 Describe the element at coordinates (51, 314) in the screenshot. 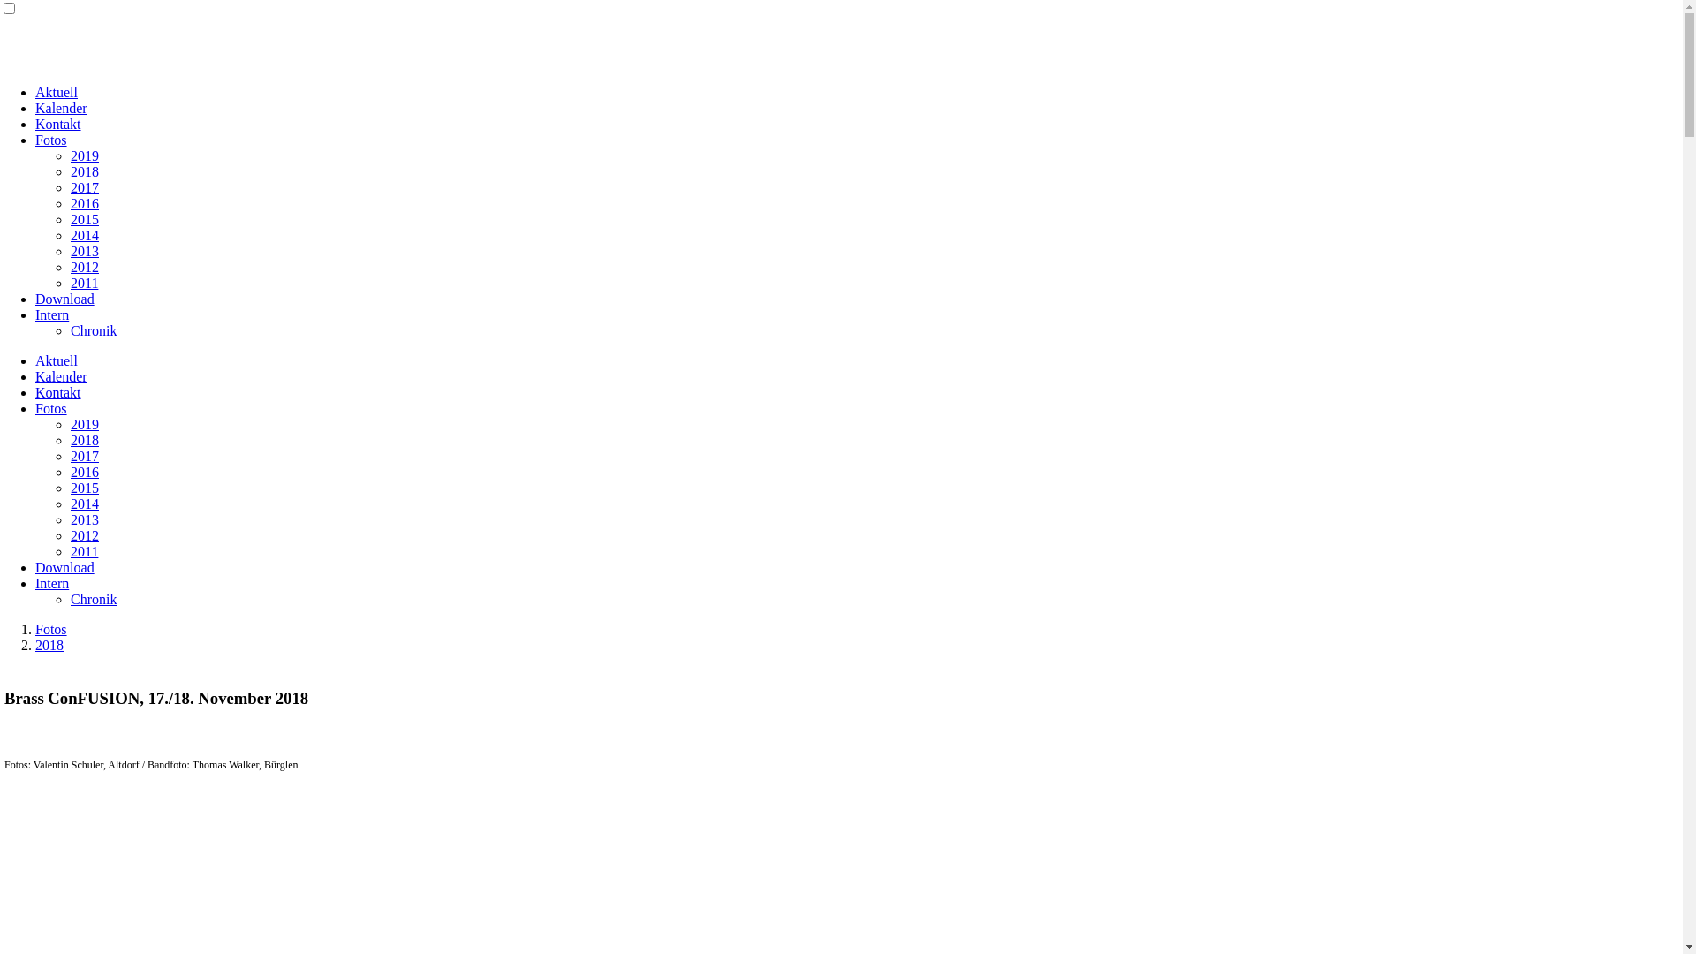

I see `'Intern'` at that location.